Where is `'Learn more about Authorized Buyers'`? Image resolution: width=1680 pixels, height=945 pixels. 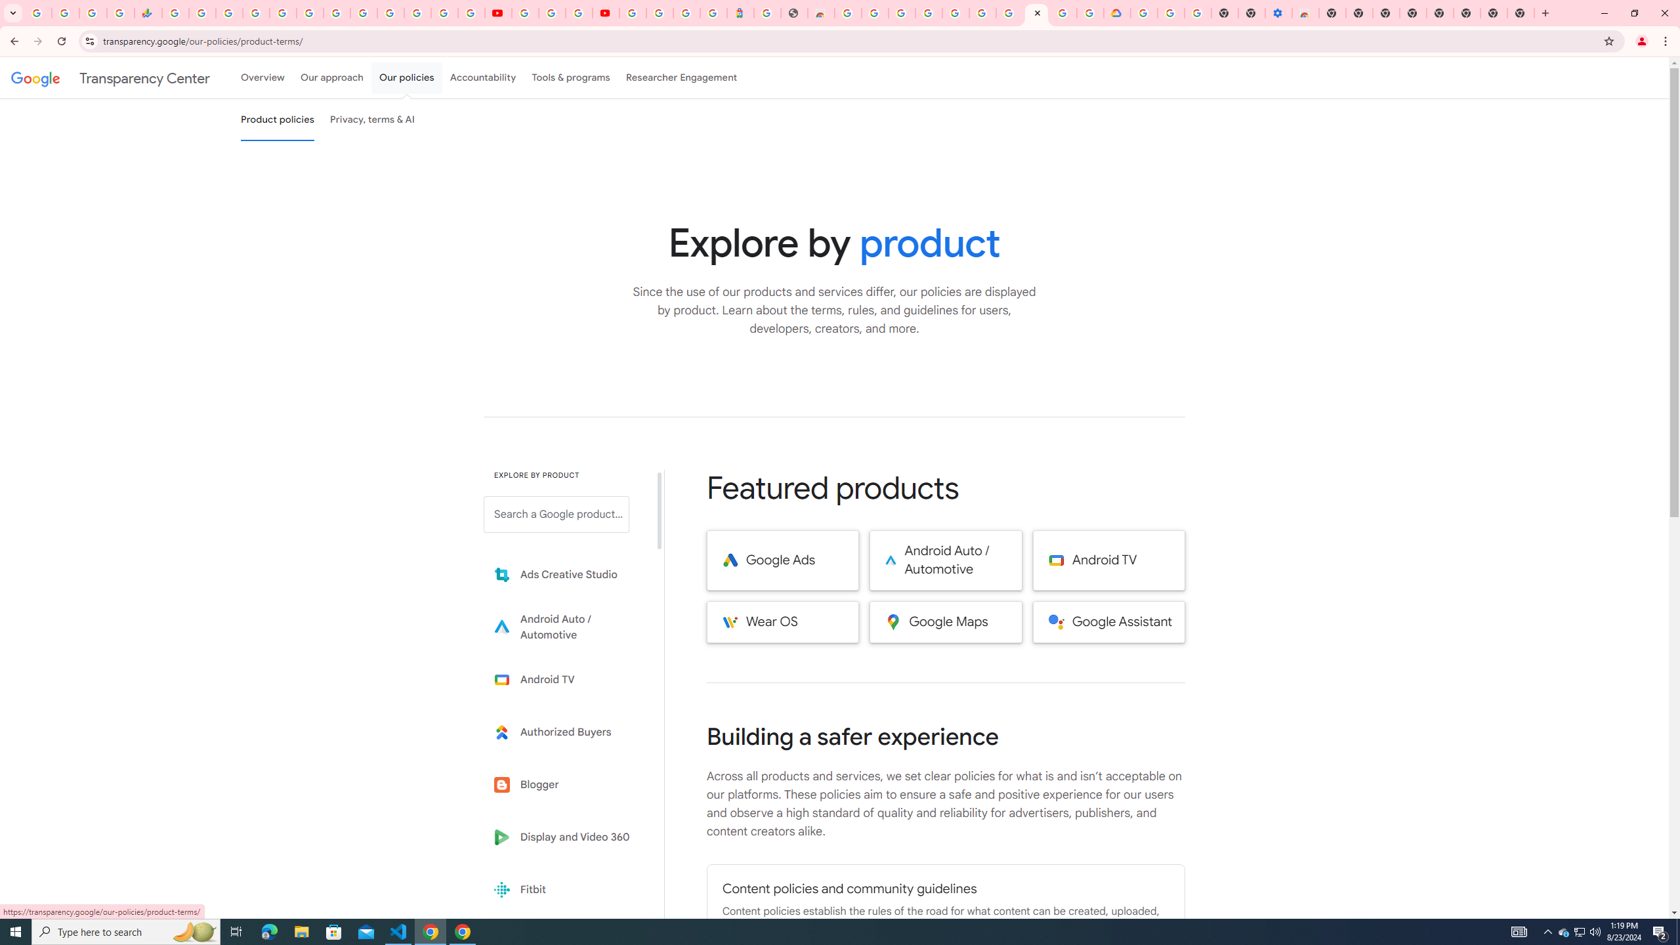 'Learn more about Authorized Buyers' is located at coordinates (565, 732).